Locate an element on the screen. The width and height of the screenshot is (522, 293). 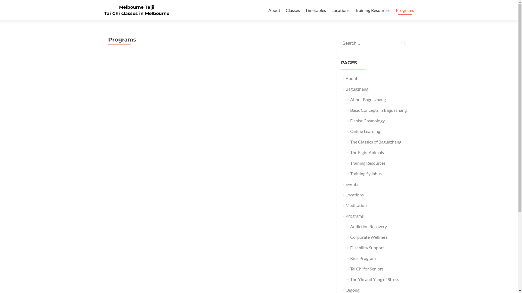
'Tai Chi classes in Melbourne' is located at coordinates (104, 13).